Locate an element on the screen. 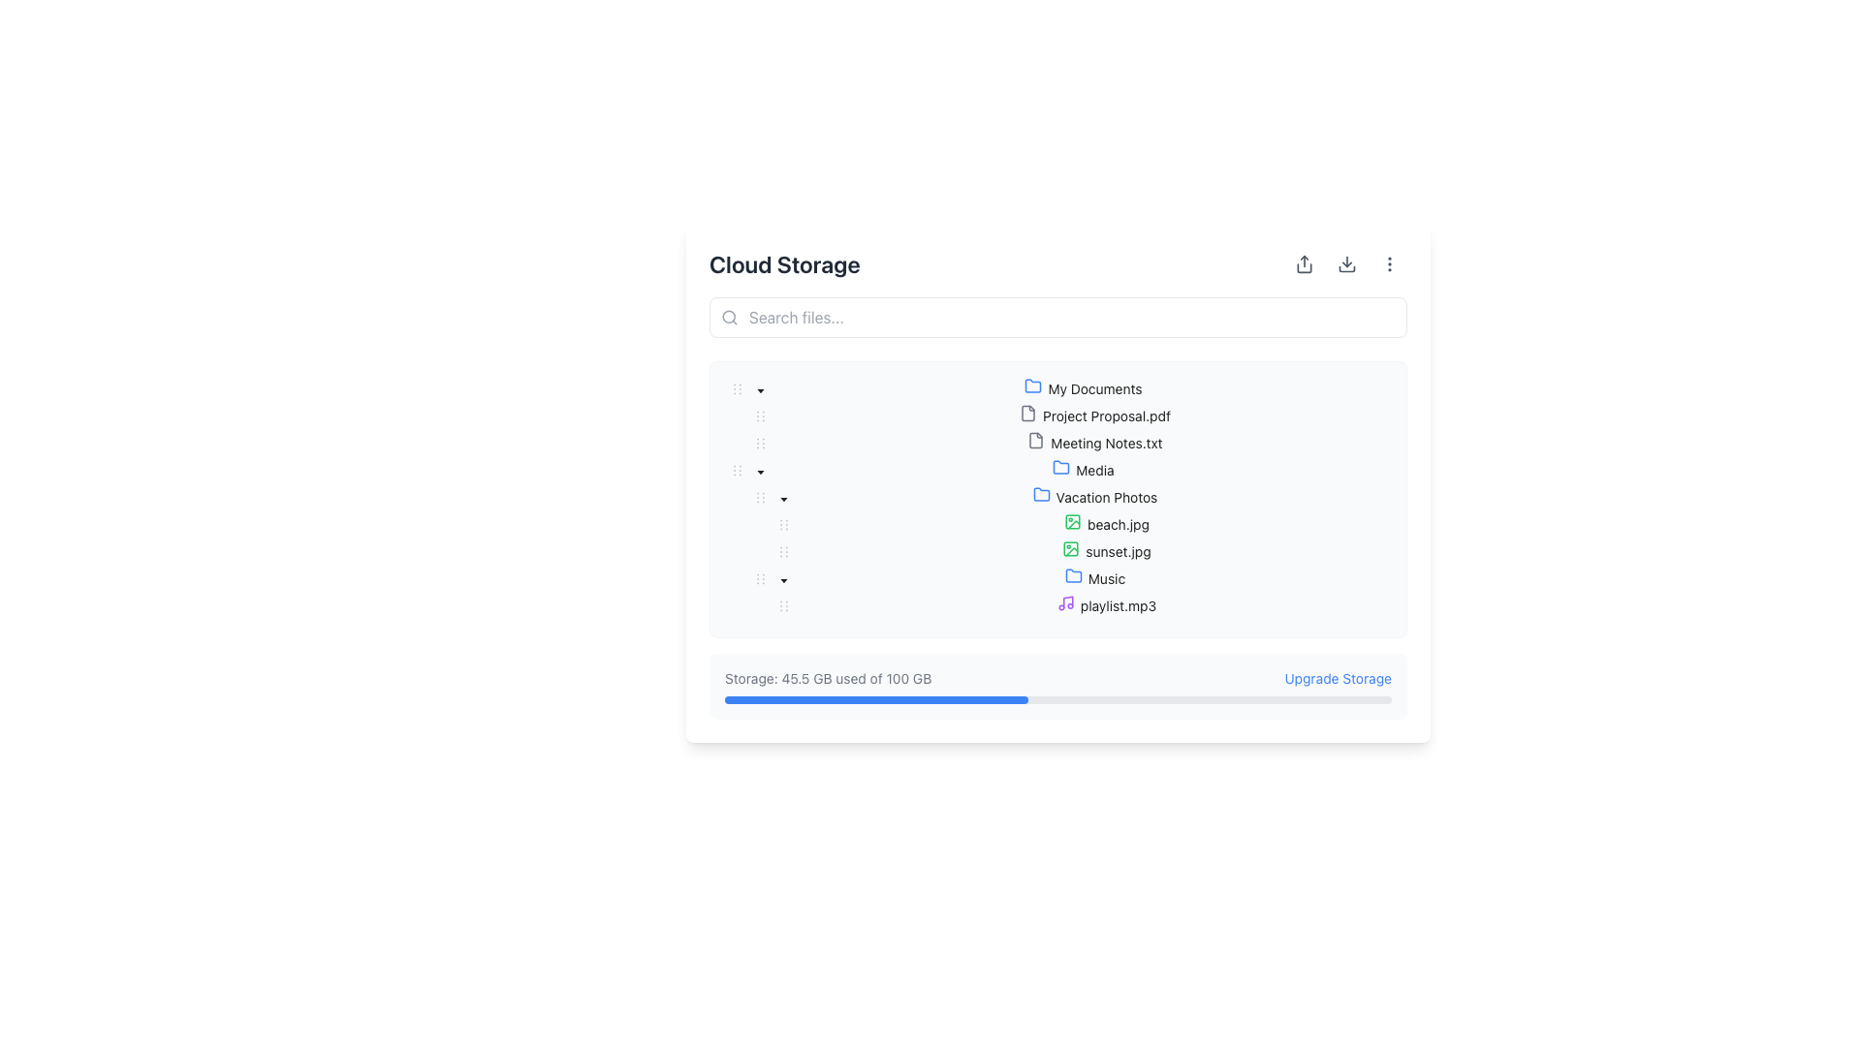 The image size is (1861, 1046). the audio file icon representing 'playlist.mp3', which is located in the 'My Documents > Media > Vacation Photos > Music' folder structure, positioned to the left of the text entry is located at coordinates (1067, 604).